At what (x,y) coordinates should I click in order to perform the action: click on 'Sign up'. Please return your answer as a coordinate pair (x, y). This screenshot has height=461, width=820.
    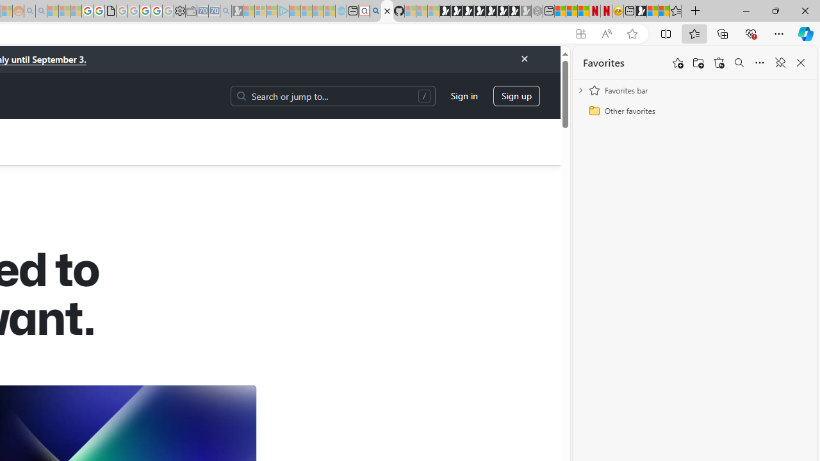
    Looking at the image, I should click on (517, 95).